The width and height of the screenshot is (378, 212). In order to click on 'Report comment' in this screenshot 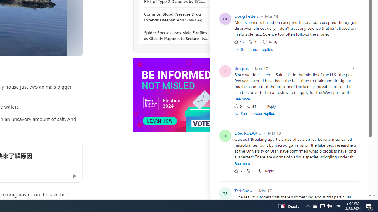, I will do `click(354, 191)`.